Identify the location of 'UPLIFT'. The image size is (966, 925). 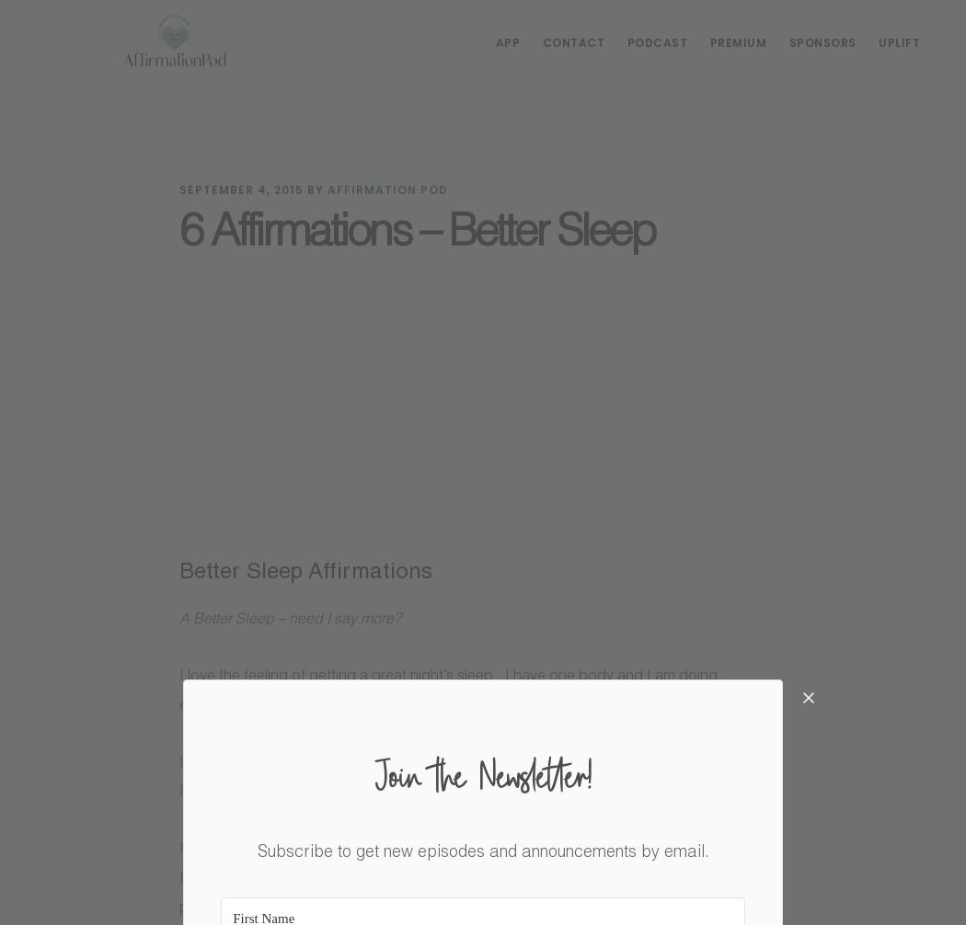
(899, 42).